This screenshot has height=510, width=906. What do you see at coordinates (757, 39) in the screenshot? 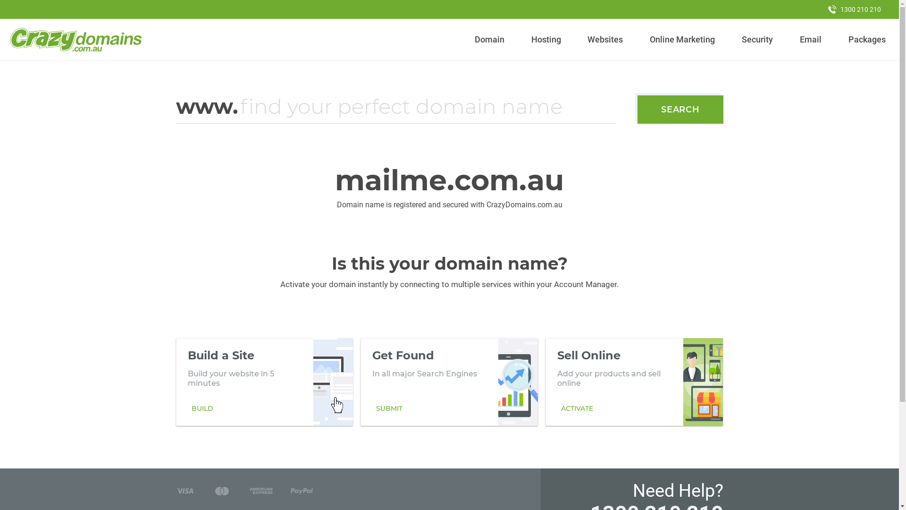
I see `'Security'` at bounding box center [757, 39].